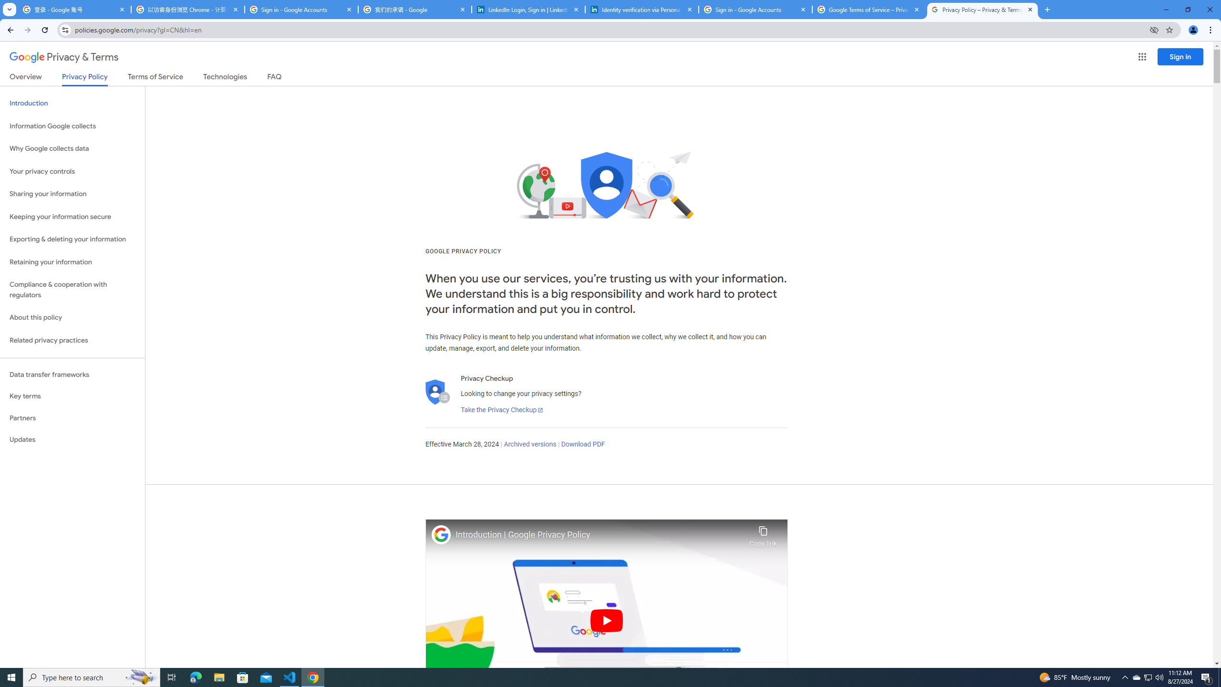 This screenshot has height=687, width=1221. Describe the element at coordinates (606, 620) in the screenshot. I see `'Play'` at that location.